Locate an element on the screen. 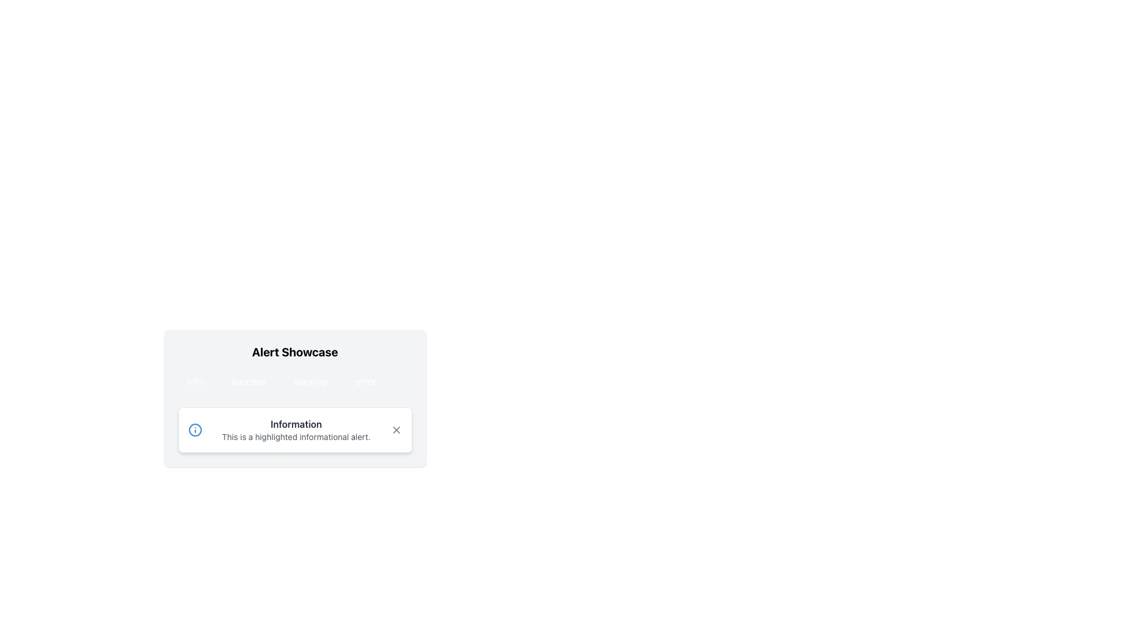 This screenshot has height=632, width=1123. header text label located in the alert box under the 'Alert Showcase' section, which serves as the title for the informational alert is located at coordinates (296, 424).